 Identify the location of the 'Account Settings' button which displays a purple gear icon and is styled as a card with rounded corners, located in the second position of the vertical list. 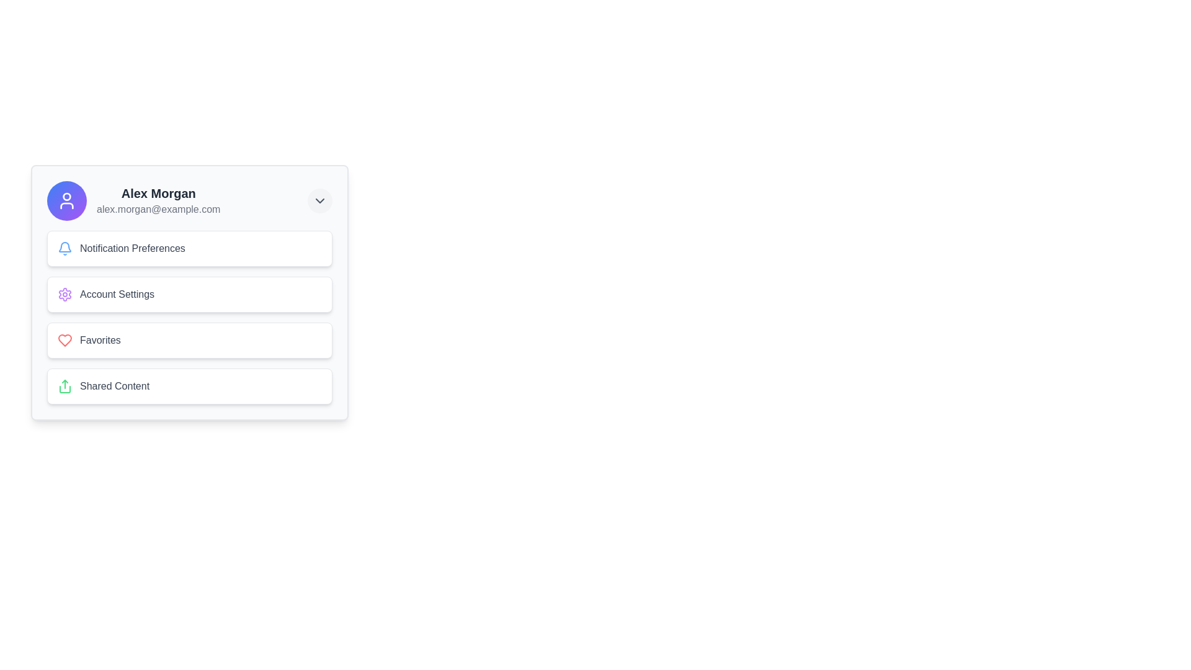
(189, 294).